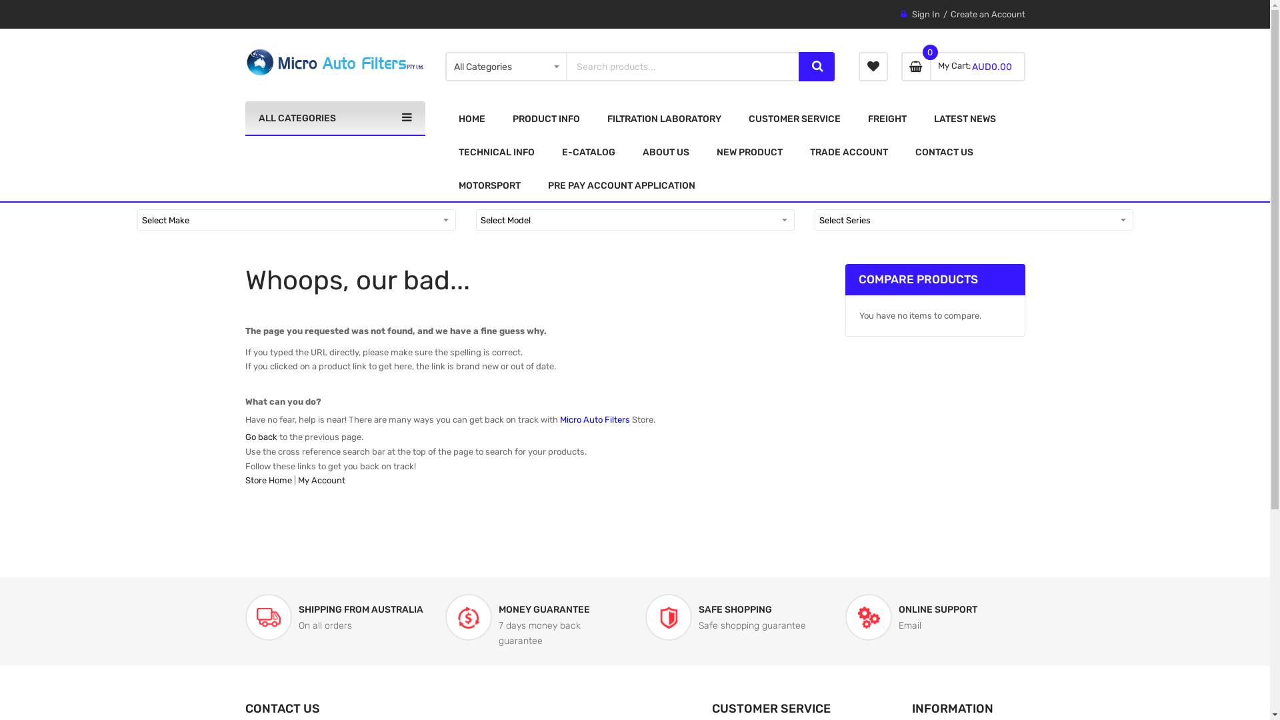 This screenshot has height=720, width=1280. Describe the element at coordinates (749, 151) in the screenshot. I see `'NEW PRODUCT'` at that location.